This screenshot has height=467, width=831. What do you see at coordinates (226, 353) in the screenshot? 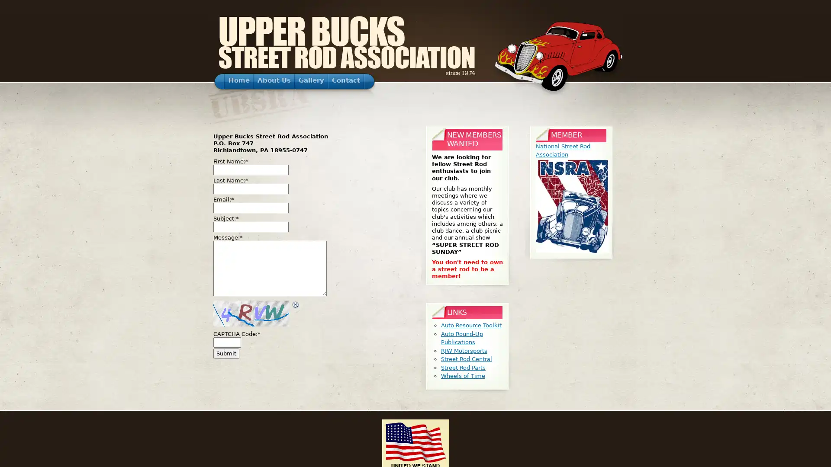
I see `Submit` at bounding box center [226, 353].